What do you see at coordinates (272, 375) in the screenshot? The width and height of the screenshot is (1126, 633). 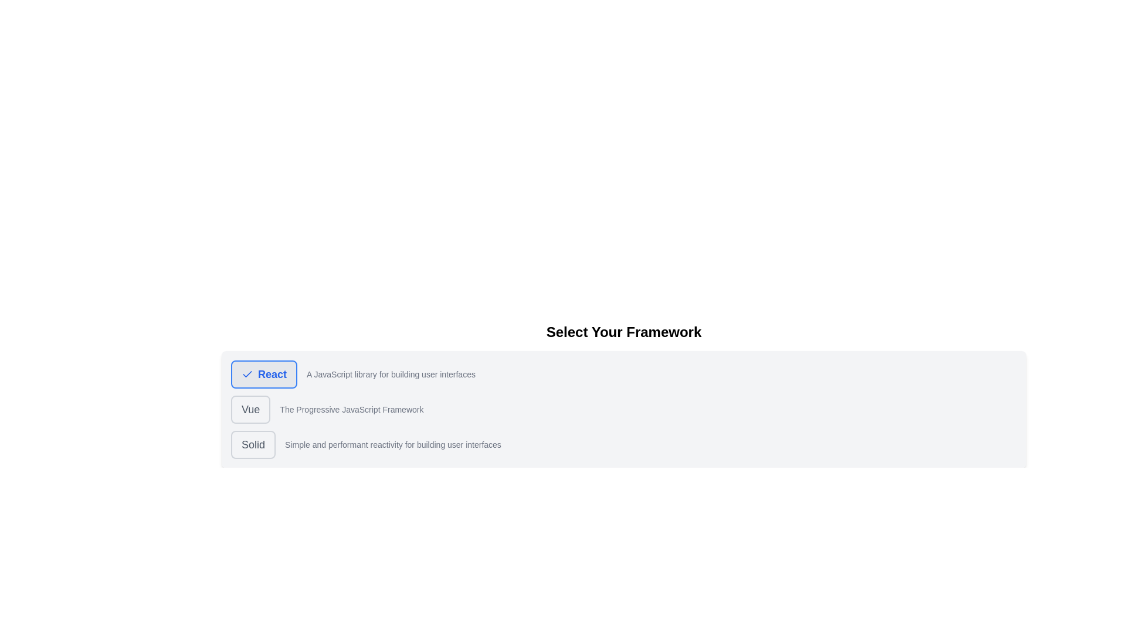 I see `the interactive button containing the text label 'React'` at bounding box center [272, 375].